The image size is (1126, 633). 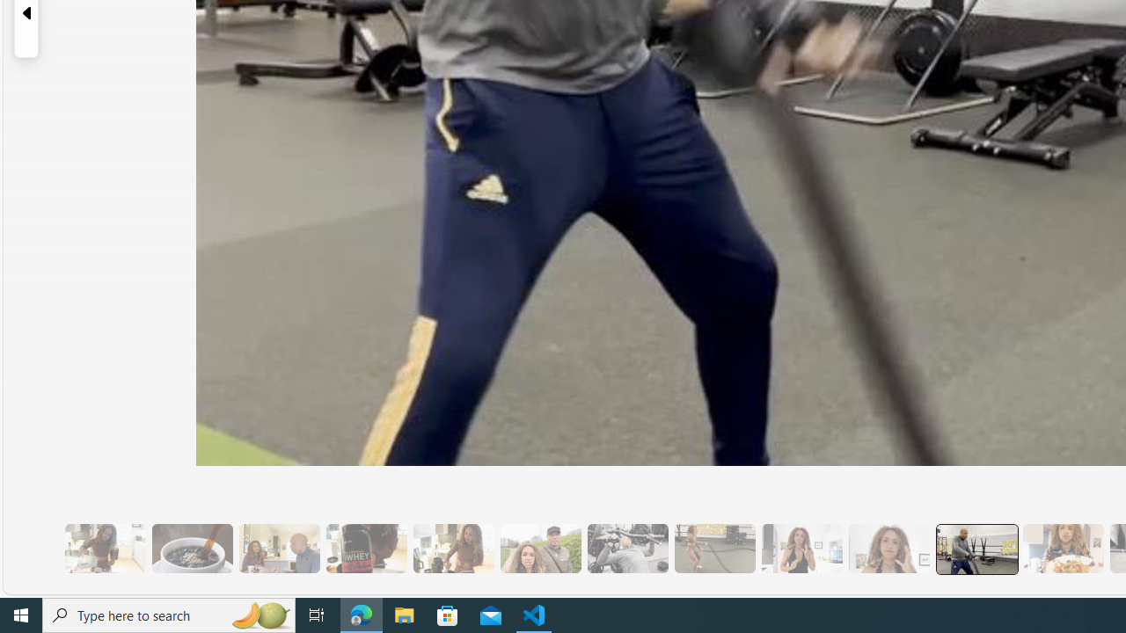 What do you see at coordinates (278, 548) in the screenshot?
I see `'5 She Eats Less Than Her Husband'` at bounding box center [278, 548].